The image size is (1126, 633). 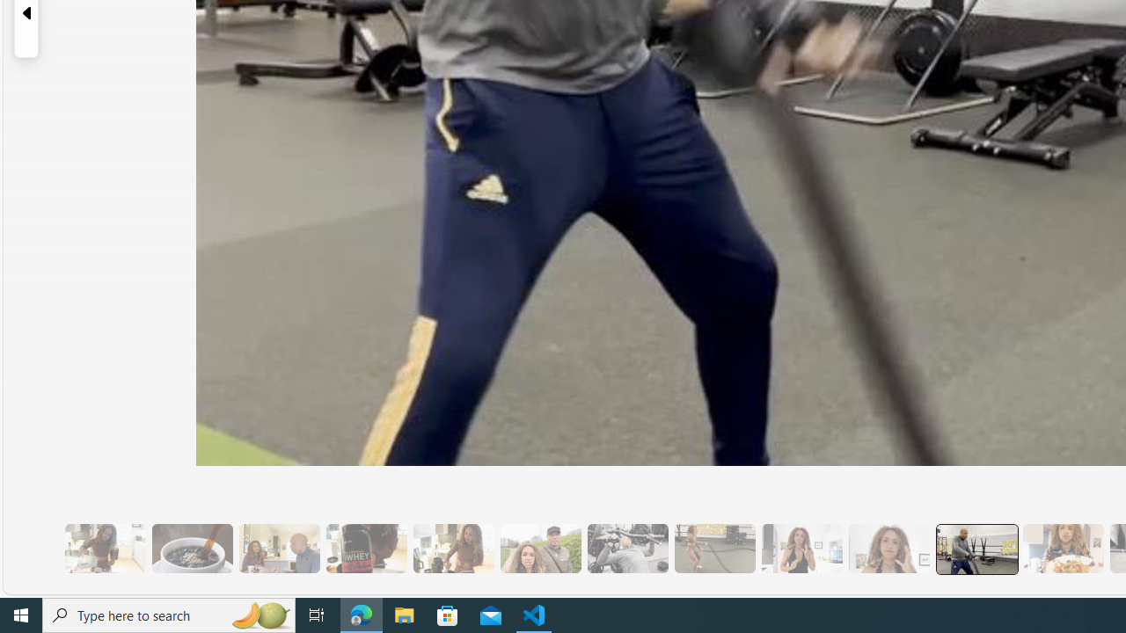 What do you see at coordinates (278, 548) in the screenshot?
I see `'5 She Eats Less Than Her Husband'` at bounding box center [278, 548].